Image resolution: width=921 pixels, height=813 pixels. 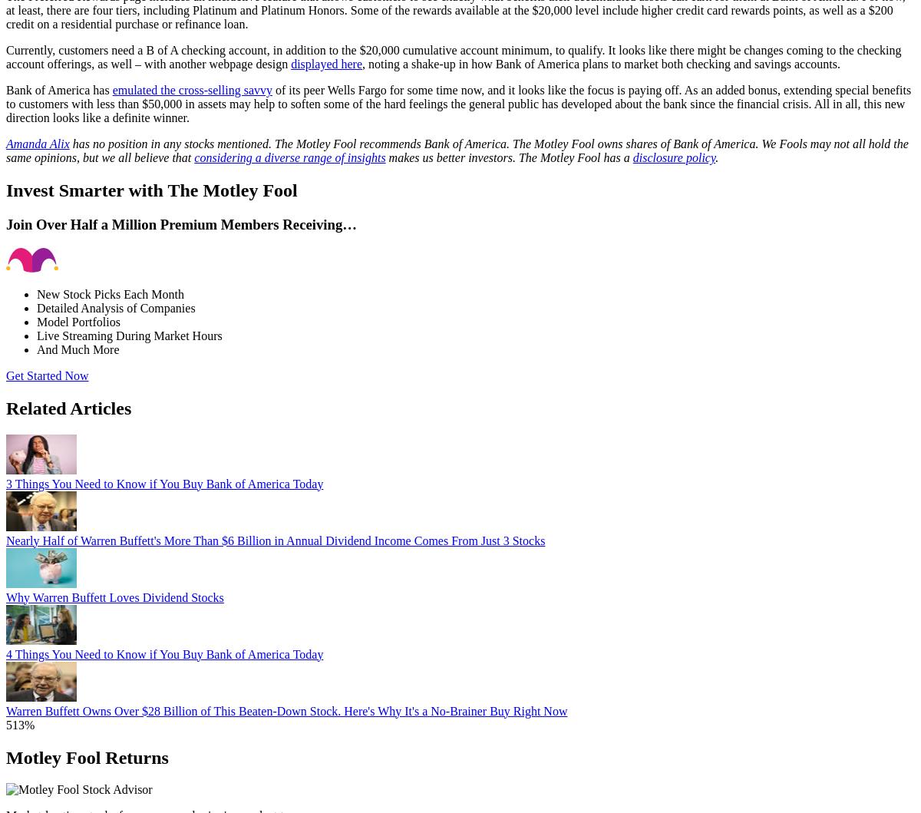 I want to click on 'displayed here', so click(x=326, y=64).